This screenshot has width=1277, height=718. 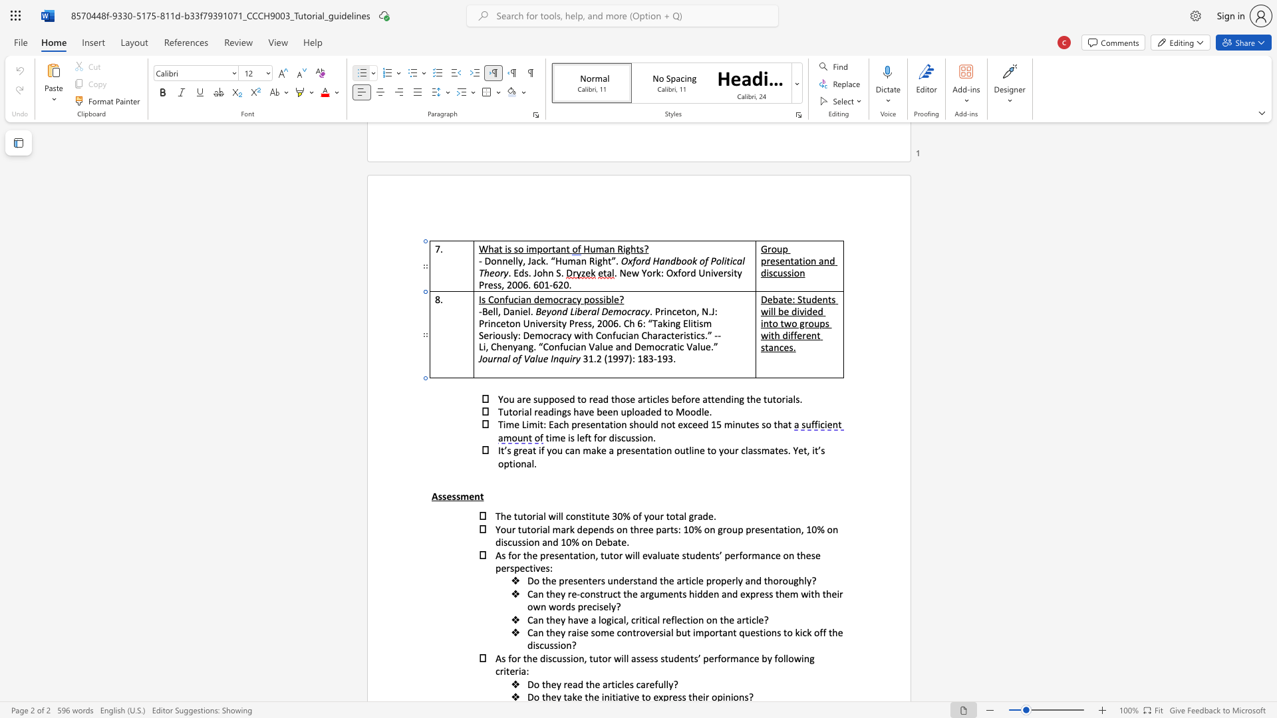 What do you see at coordinates (593, 449) in the screenshot?
I see `the 3th character "a" in the text` at bounding box center [593, 449].